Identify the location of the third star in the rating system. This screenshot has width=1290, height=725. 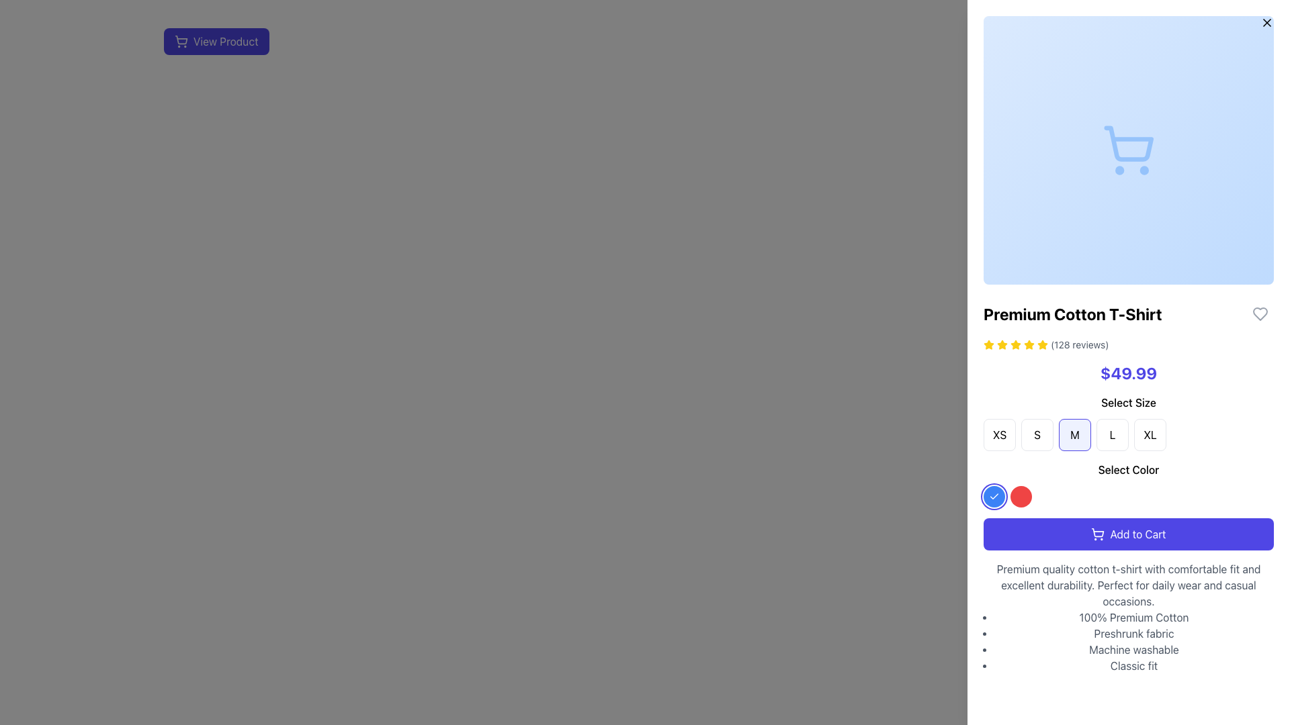
(989, 344).